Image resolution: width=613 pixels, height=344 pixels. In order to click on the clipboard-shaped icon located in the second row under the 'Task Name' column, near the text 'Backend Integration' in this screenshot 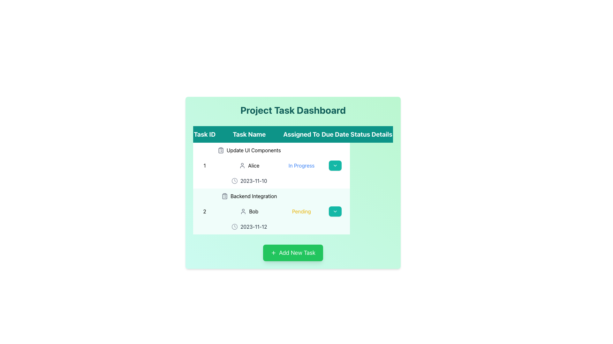, I will do `click(225, 196)`.